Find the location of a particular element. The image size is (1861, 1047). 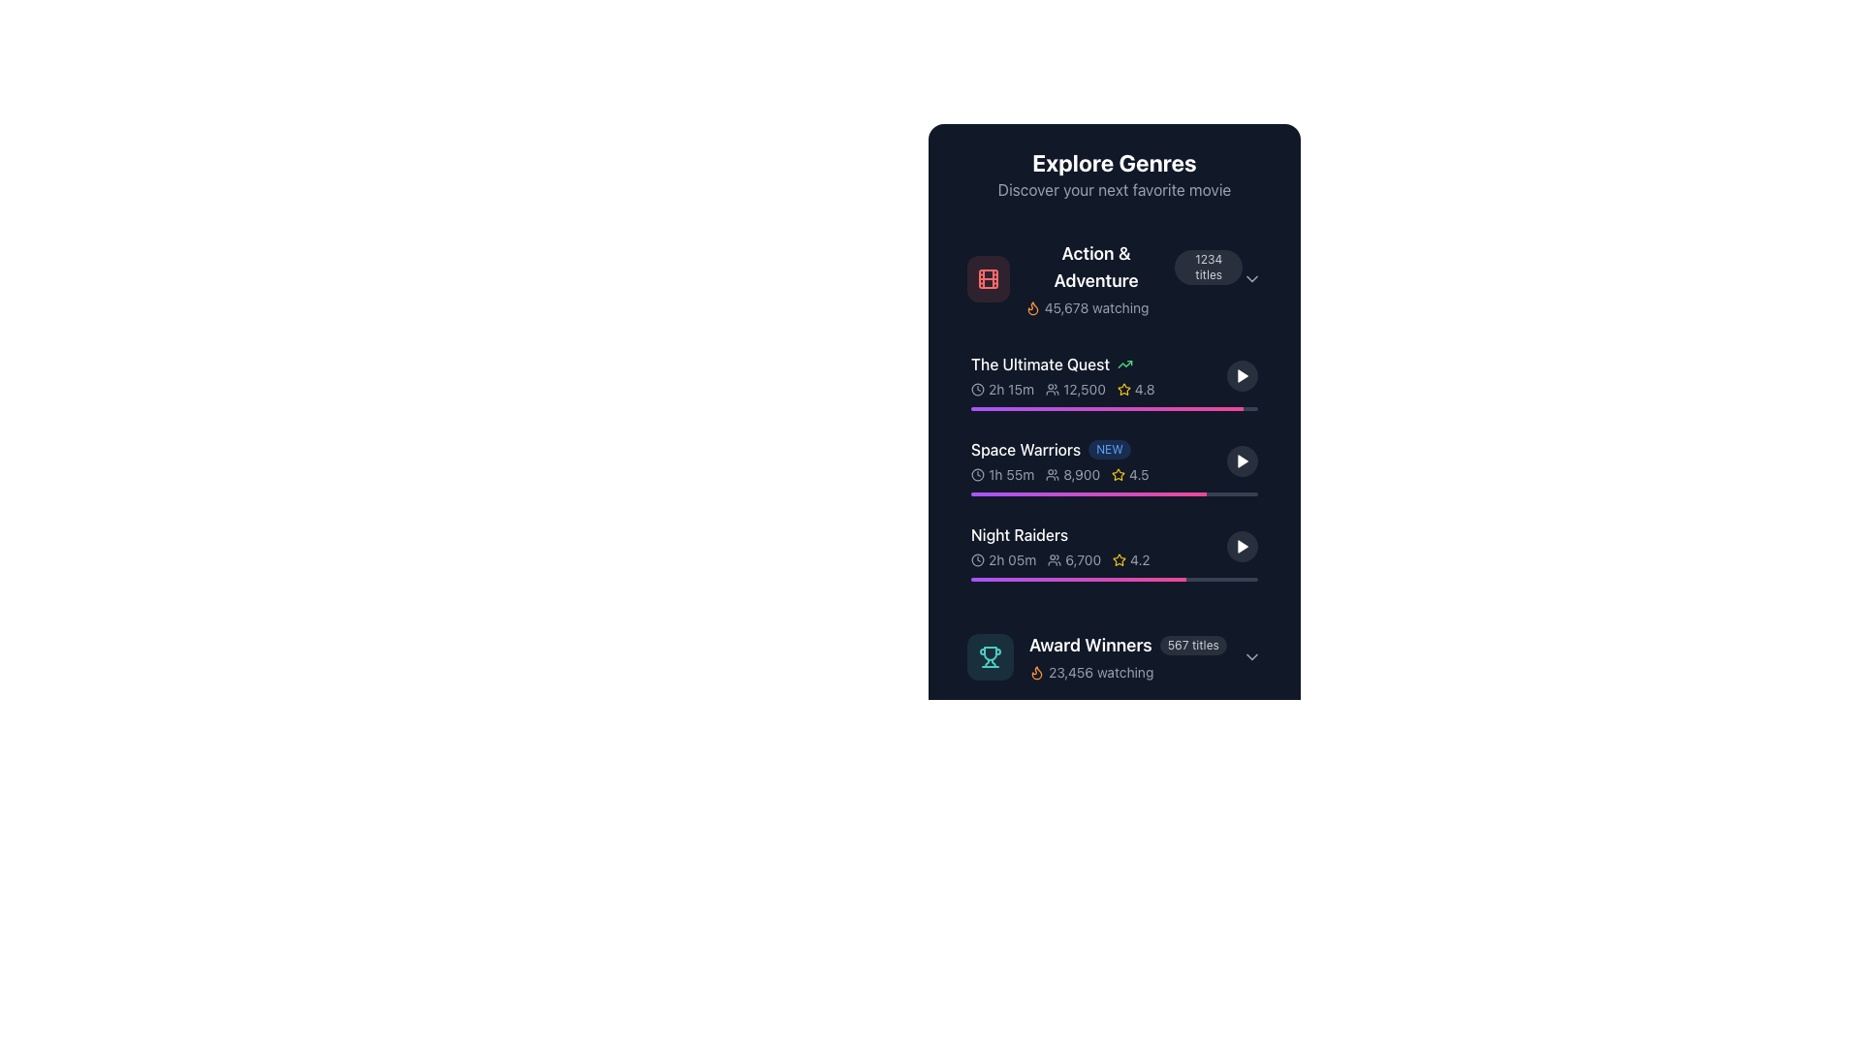

the progress bar located below 'The Ultimate Quest' entry to interact with it is located at coordinates (1115, 407).